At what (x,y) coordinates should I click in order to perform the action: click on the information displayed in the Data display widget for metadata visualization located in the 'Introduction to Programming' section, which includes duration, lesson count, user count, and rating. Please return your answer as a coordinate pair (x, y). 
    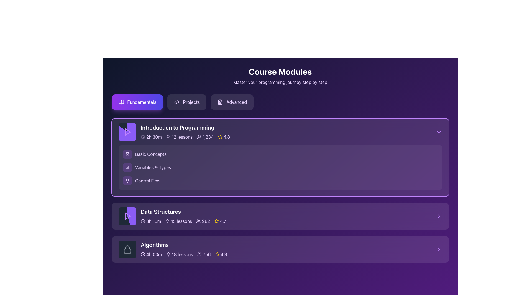
    Looking at the image, I should click on (185, 137).